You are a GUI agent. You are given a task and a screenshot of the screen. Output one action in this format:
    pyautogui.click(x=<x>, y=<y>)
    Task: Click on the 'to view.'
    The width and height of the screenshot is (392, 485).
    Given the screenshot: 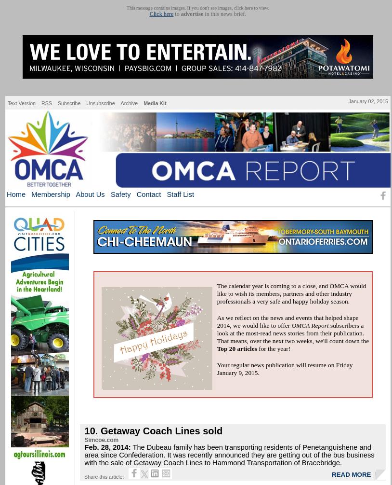 What is the action you would take?
    pyautogui.click(x=260, y=8)
    